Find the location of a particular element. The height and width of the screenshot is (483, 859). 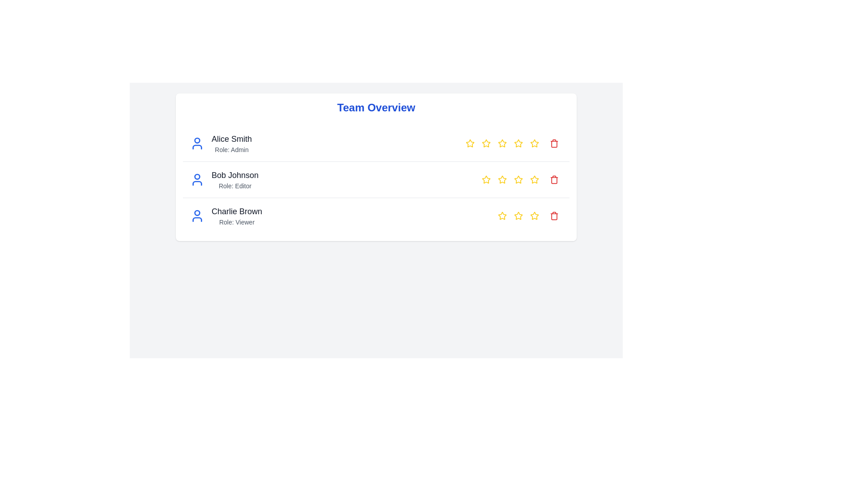

the decorative vector graphic component of the blue user icon for 'Charlie Brown' in the 'Team Overview' list, located beneath the circular head of the icon is located at coordinates (197, 219).